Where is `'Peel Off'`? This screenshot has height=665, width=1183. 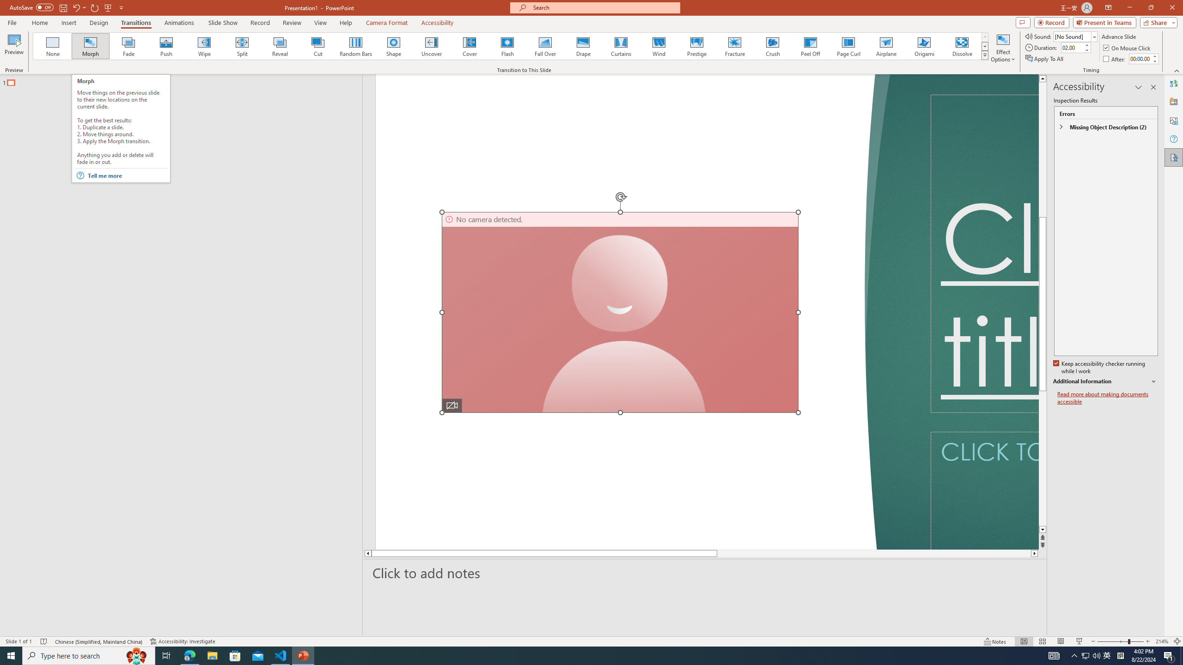
'Peel Off' is located at coordinates (810, 46).